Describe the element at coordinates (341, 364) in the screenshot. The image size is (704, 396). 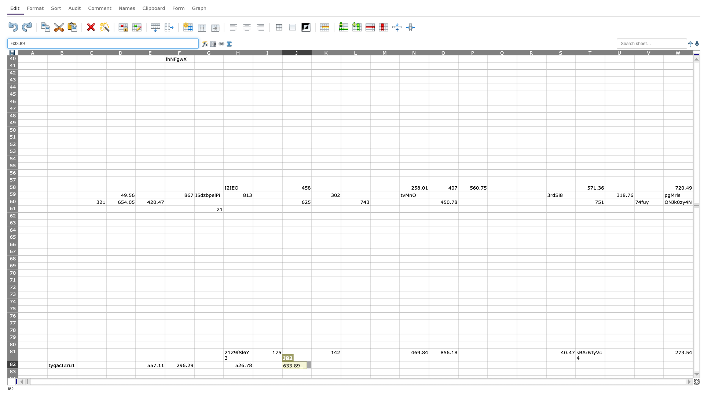
I see `Right edge of K-82` at that location.